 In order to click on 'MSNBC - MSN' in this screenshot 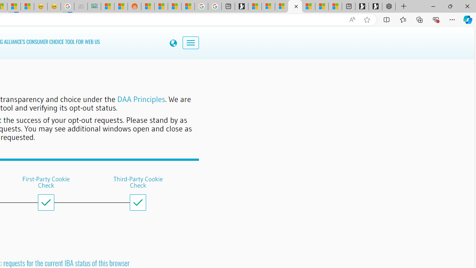, I will do `click(107, 6)`.